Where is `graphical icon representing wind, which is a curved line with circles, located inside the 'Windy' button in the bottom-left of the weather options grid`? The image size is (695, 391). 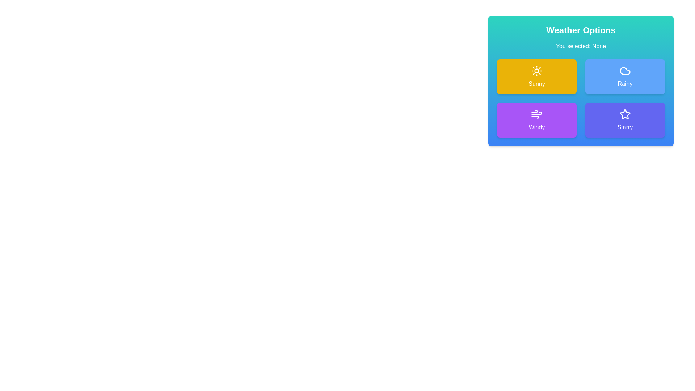
graphical icon representing wind, which is a curved line with circles, located inside the 'Windy' button in the bottom-left of the weather options grid is located at coordinates (537, 113).